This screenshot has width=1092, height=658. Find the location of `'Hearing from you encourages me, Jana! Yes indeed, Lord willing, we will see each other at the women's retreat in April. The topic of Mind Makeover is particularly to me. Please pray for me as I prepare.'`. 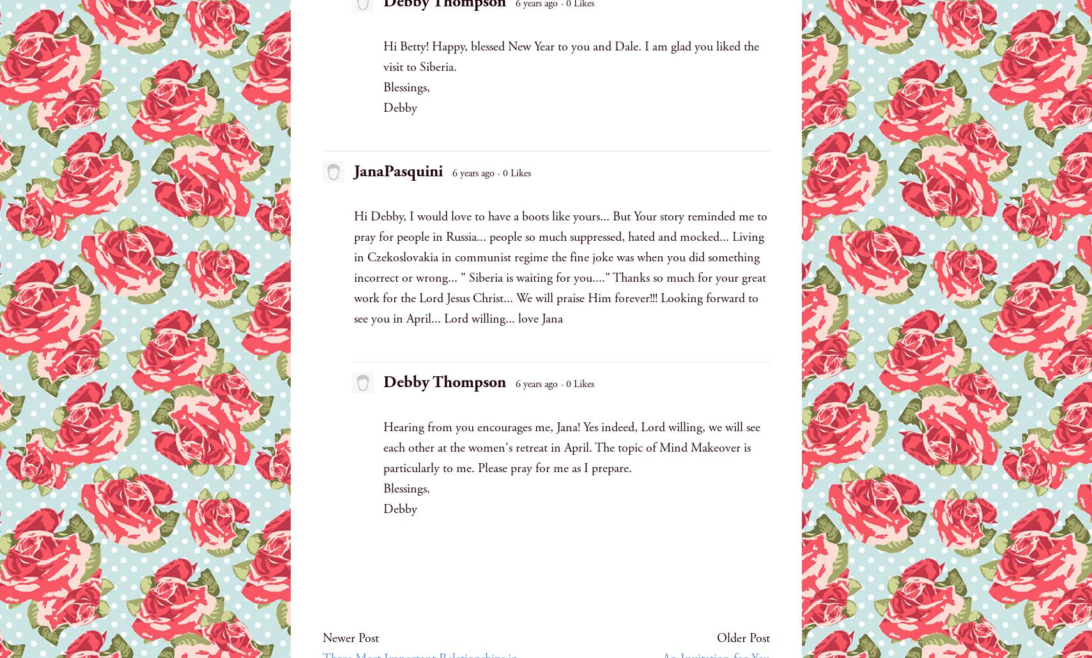

'Hearing from you encourages me, Jana! Yes indeed, Lord willing, we will see each other at the women's retreat in April. The topic of Mind Makeover is particularly to me. Please pray for me as I prepare.' is located at coordinates (571, 447).